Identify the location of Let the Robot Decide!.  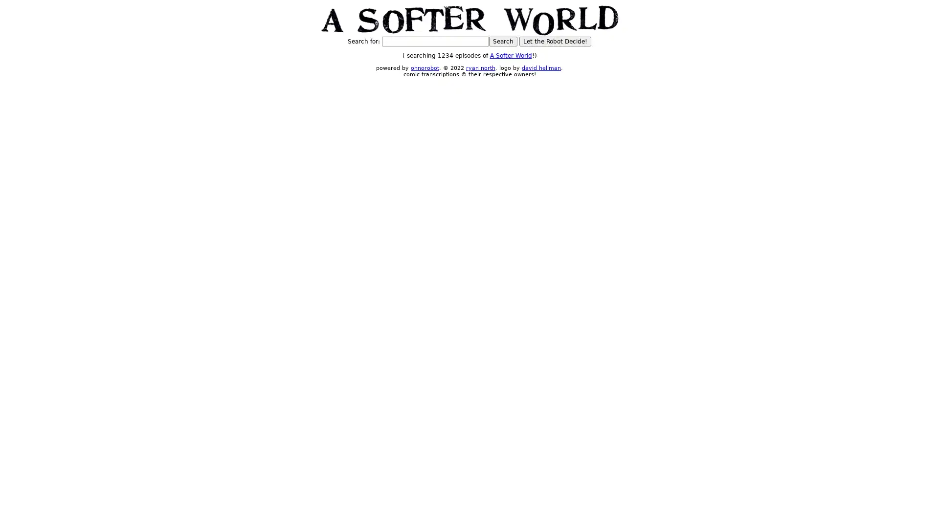
(555, 41).